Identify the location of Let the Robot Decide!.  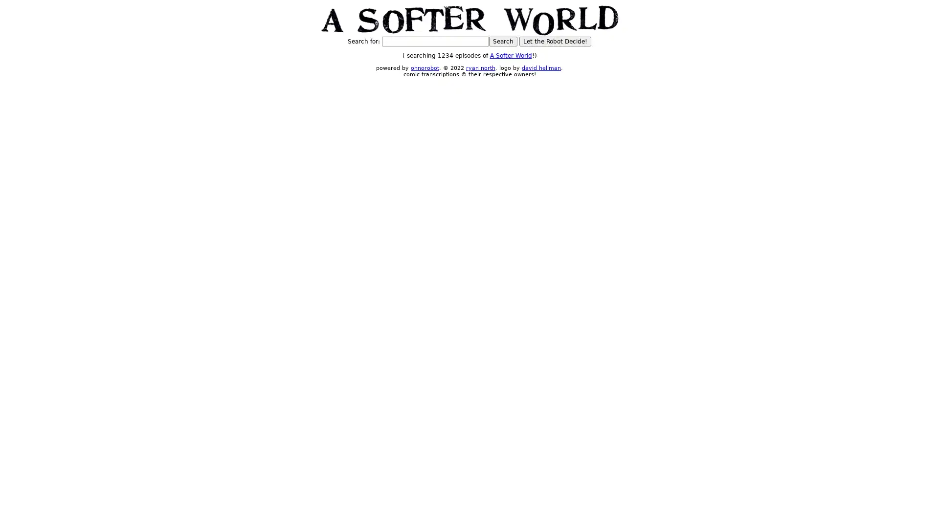
(555, 41).